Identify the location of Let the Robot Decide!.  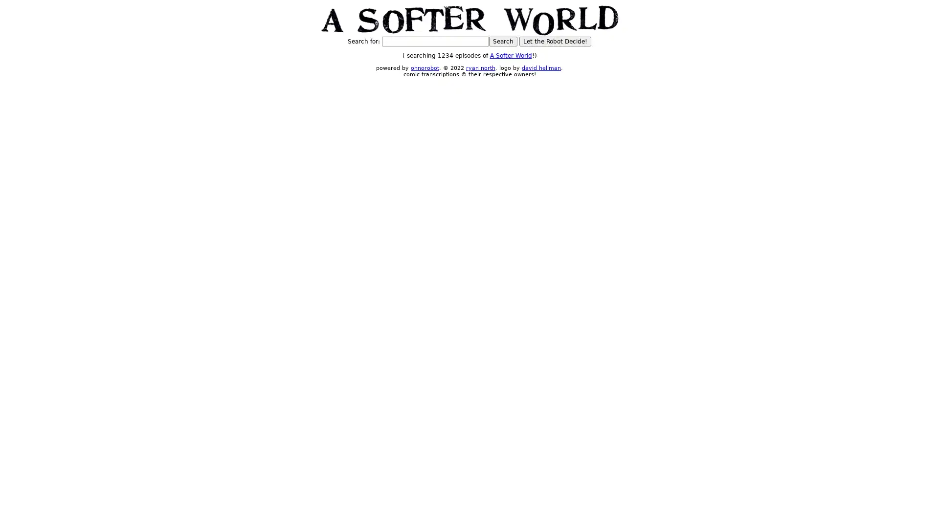
(555, 41).